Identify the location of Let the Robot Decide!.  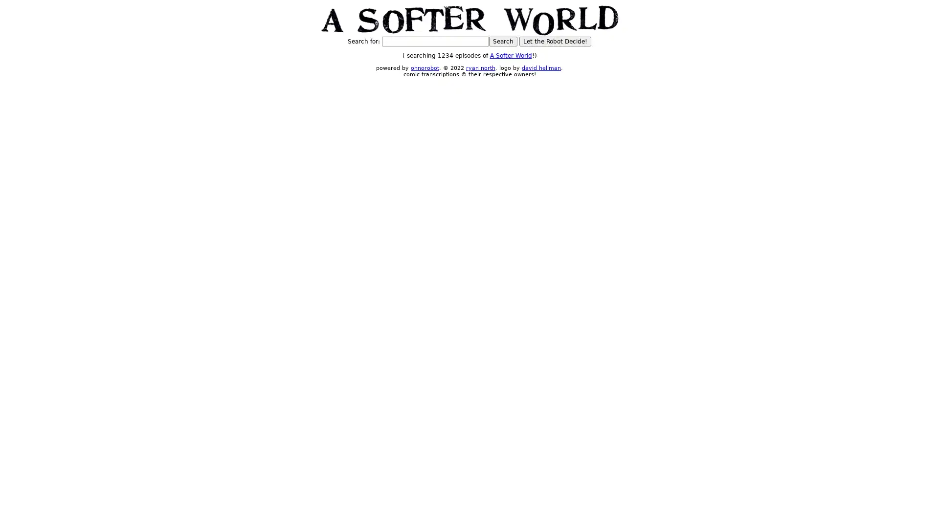
(555, 41).